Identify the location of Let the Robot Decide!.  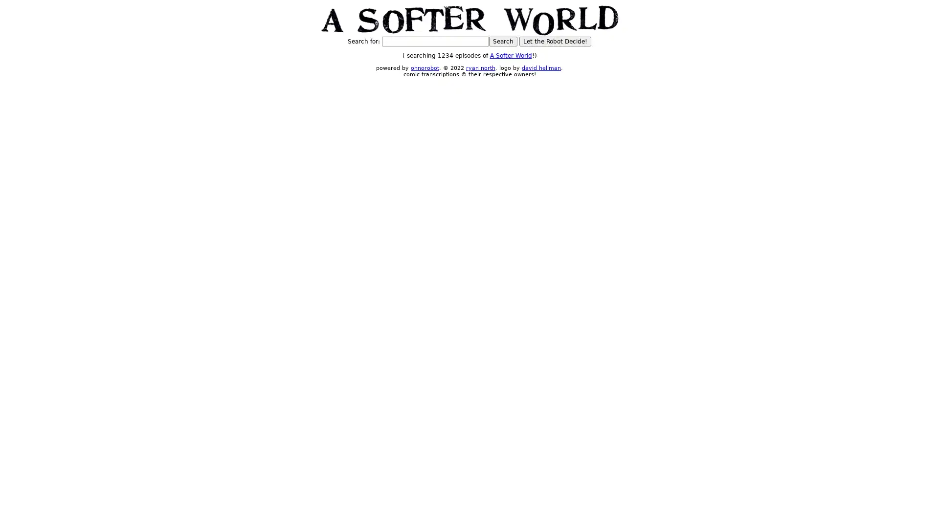
(555, 41).